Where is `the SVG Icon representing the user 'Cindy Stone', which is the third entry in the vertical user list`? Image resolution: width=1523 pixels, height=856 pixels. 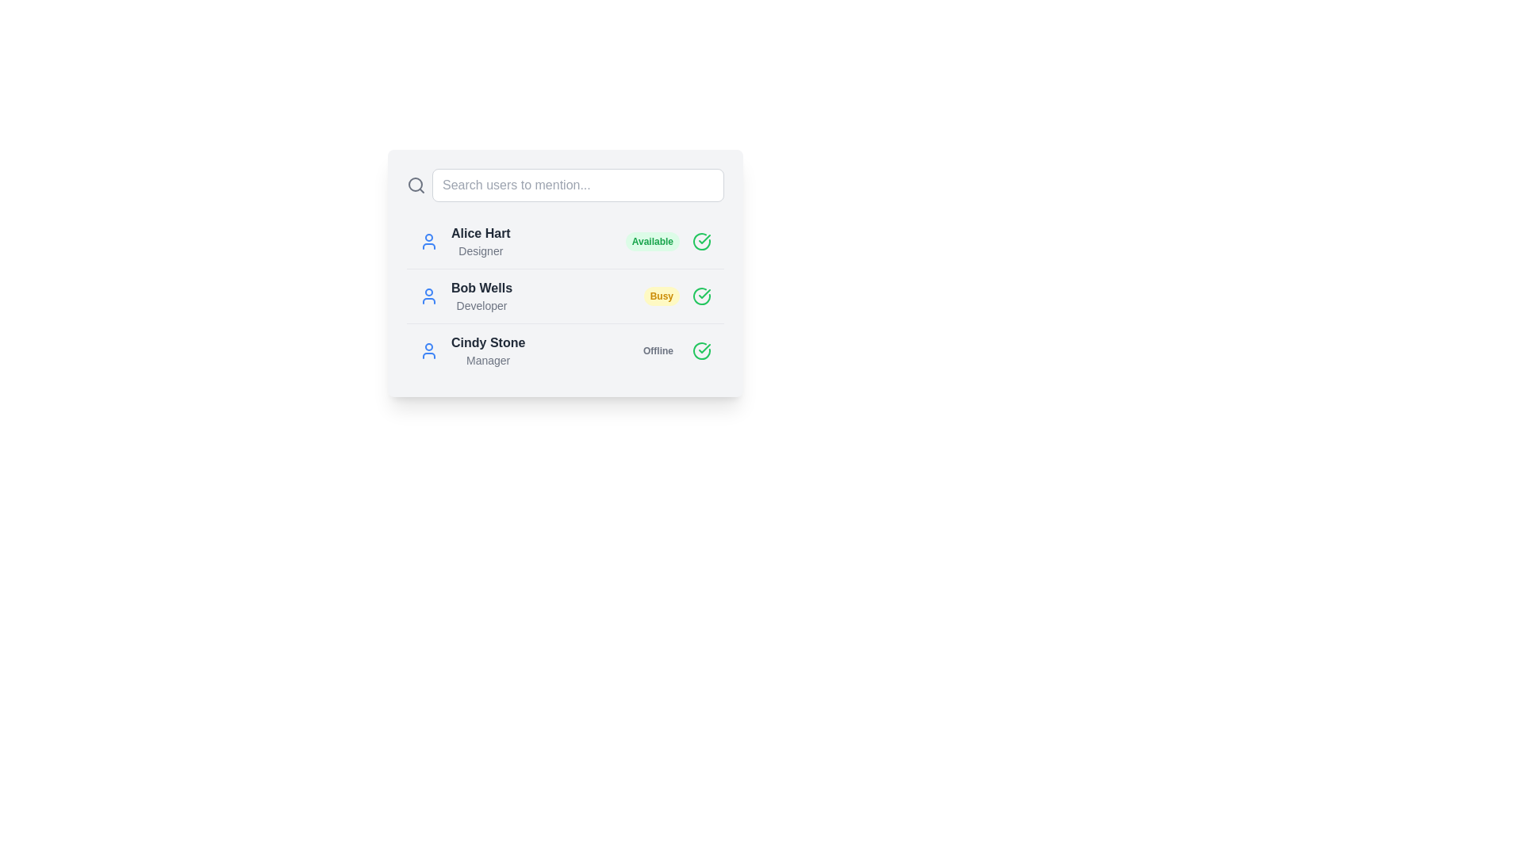 the SVG Icon representing the user 'Cindy Stone', which is the third entry in the vertical user list is located at coordinates (429, 350).